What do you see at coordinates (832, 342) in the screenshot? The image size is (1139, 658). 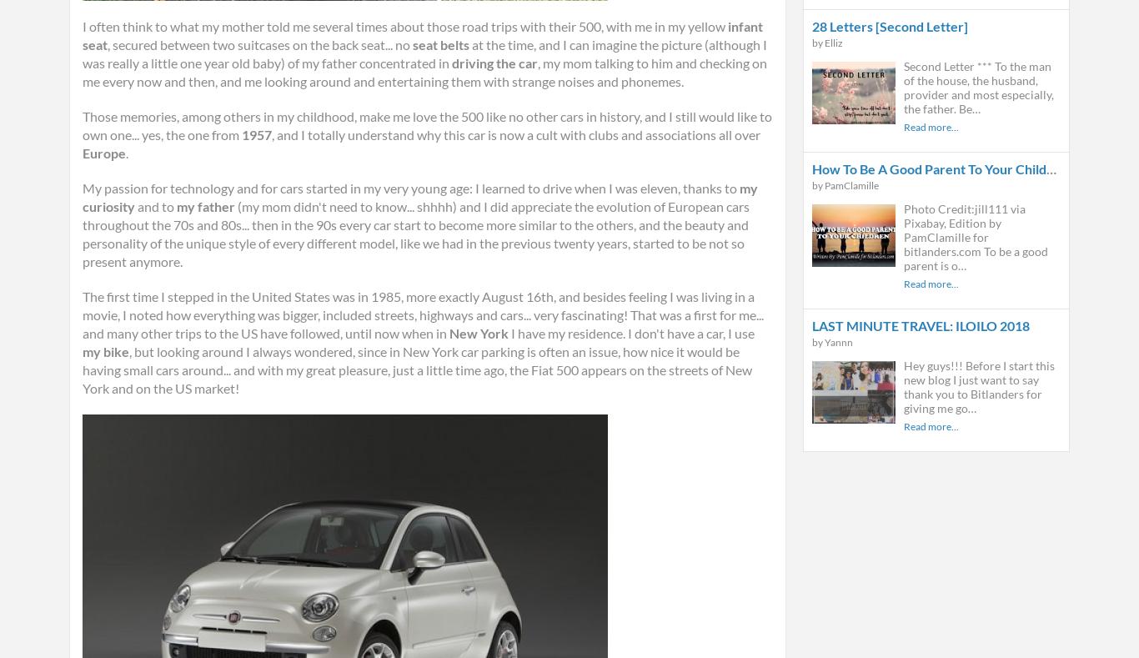 I see `'by Yannn'` at bounding box center [832, 342].